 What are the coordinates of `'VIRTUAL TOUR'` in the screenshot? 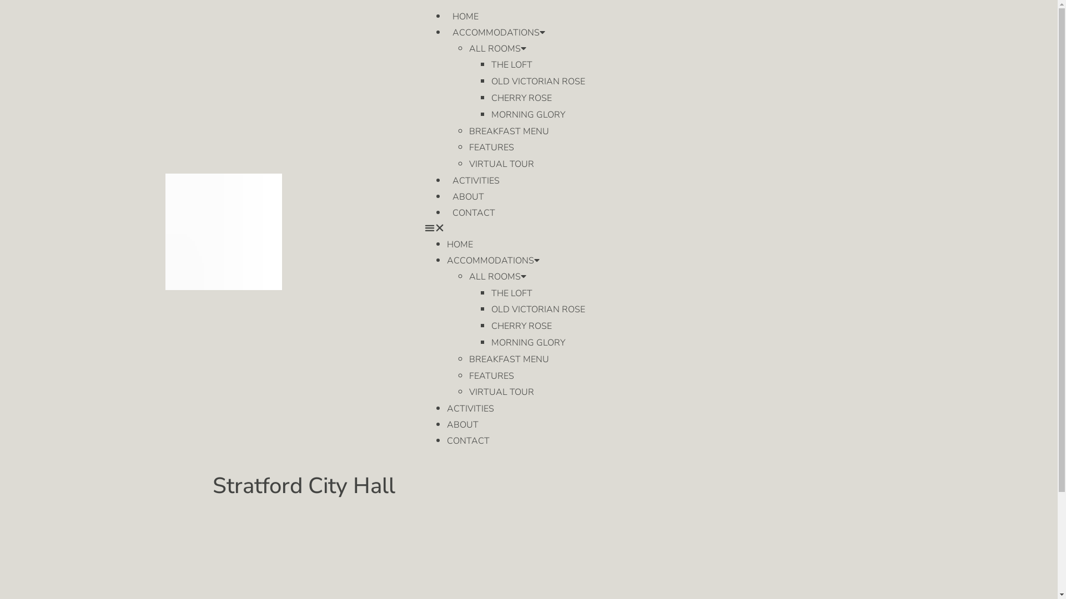 It's located at (501, 164).